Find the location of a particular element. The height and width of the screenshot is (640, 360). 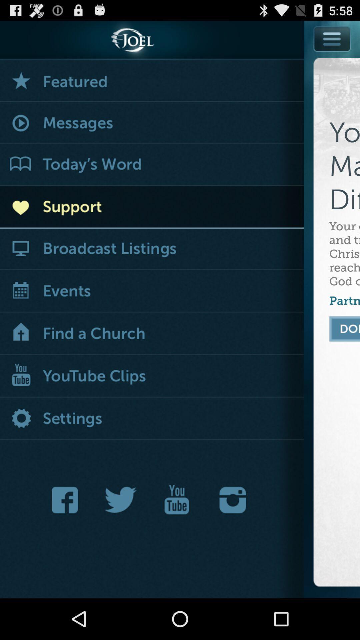

tap to donate is located at coordinates (345, 329).